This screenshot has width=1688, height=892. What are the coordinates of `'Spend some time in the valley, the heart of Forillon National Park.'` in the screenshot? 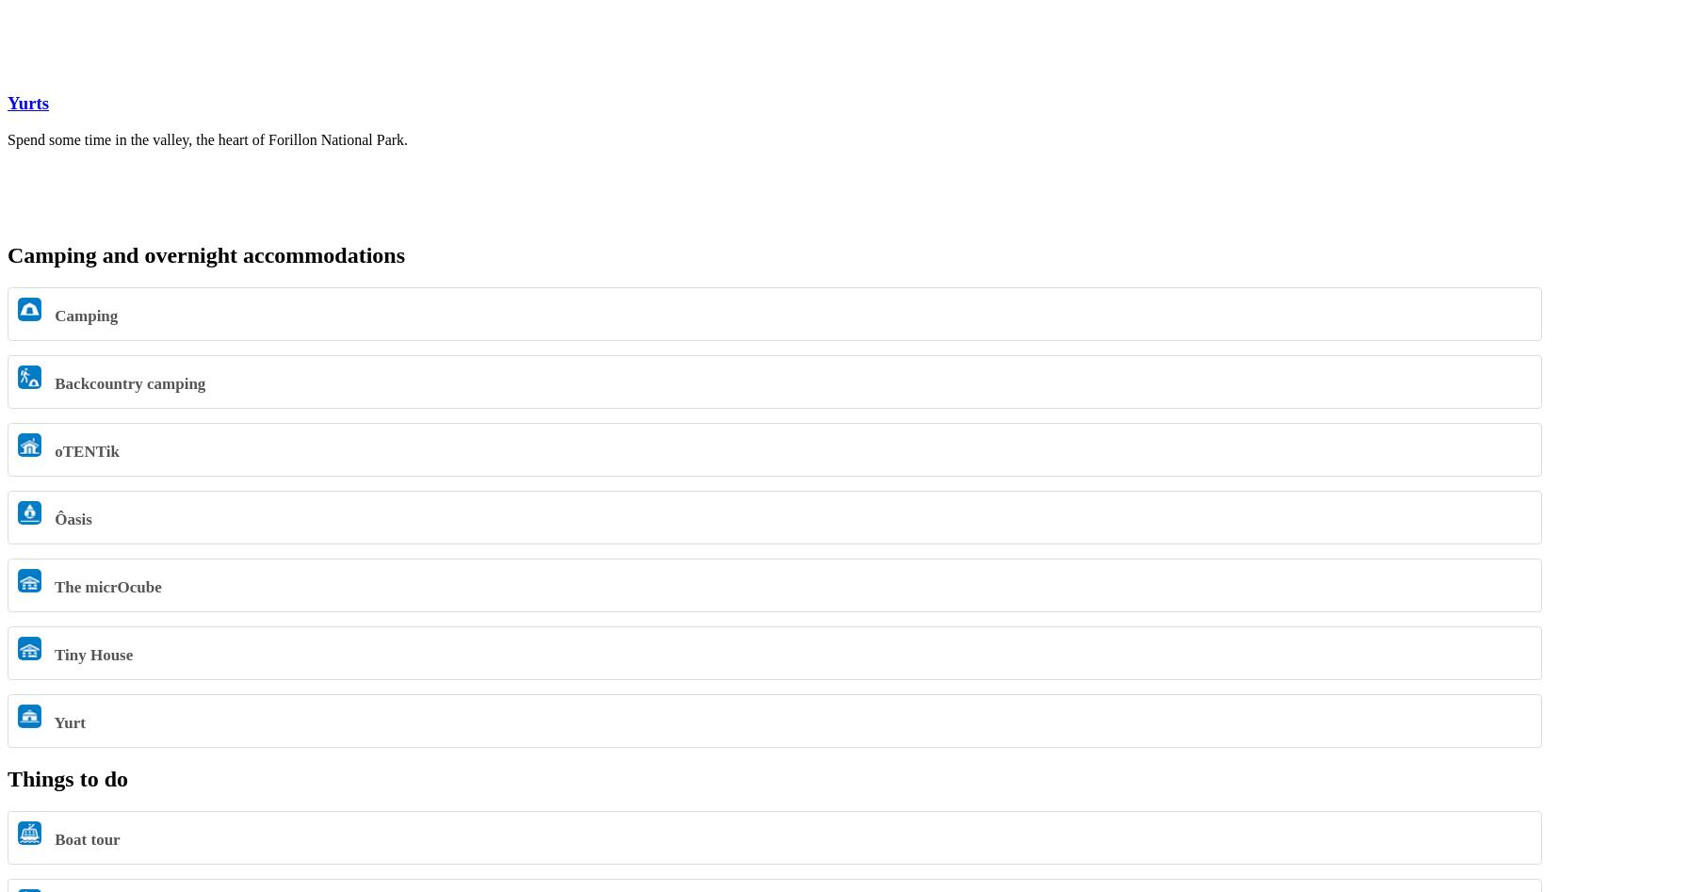 It's located at (8, 138).